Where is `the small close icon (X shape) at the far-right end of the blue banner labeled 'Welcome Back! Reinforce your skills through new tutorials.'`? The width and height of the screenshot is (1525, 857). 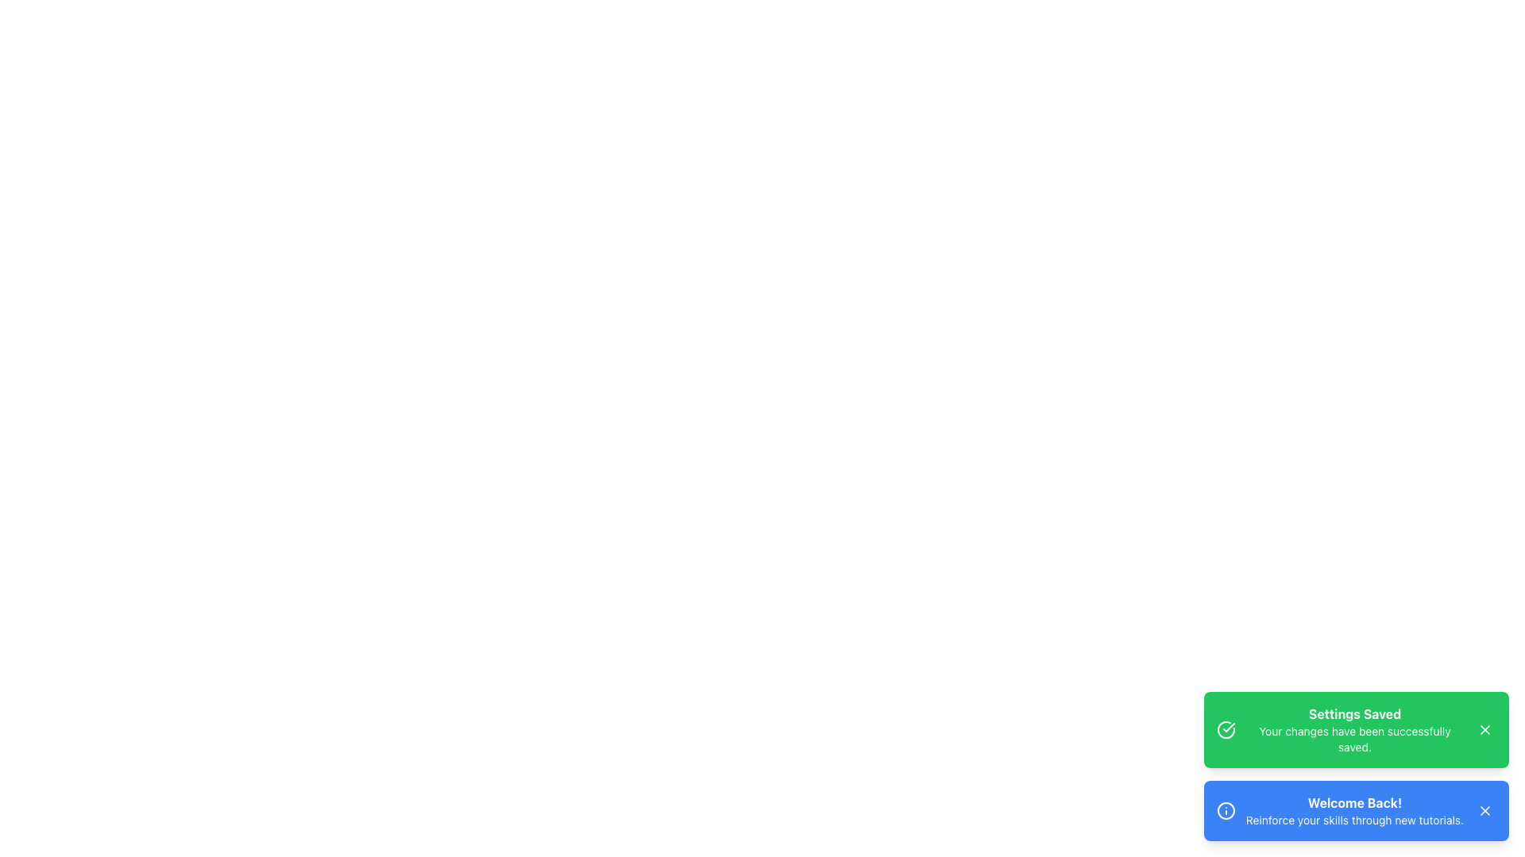 the small close icon (X shape) at the far-right end of the blue banner labeled 'Welcome Back! Reinforce your skills through new tutorials.' is located at coordinates (1484, 811).